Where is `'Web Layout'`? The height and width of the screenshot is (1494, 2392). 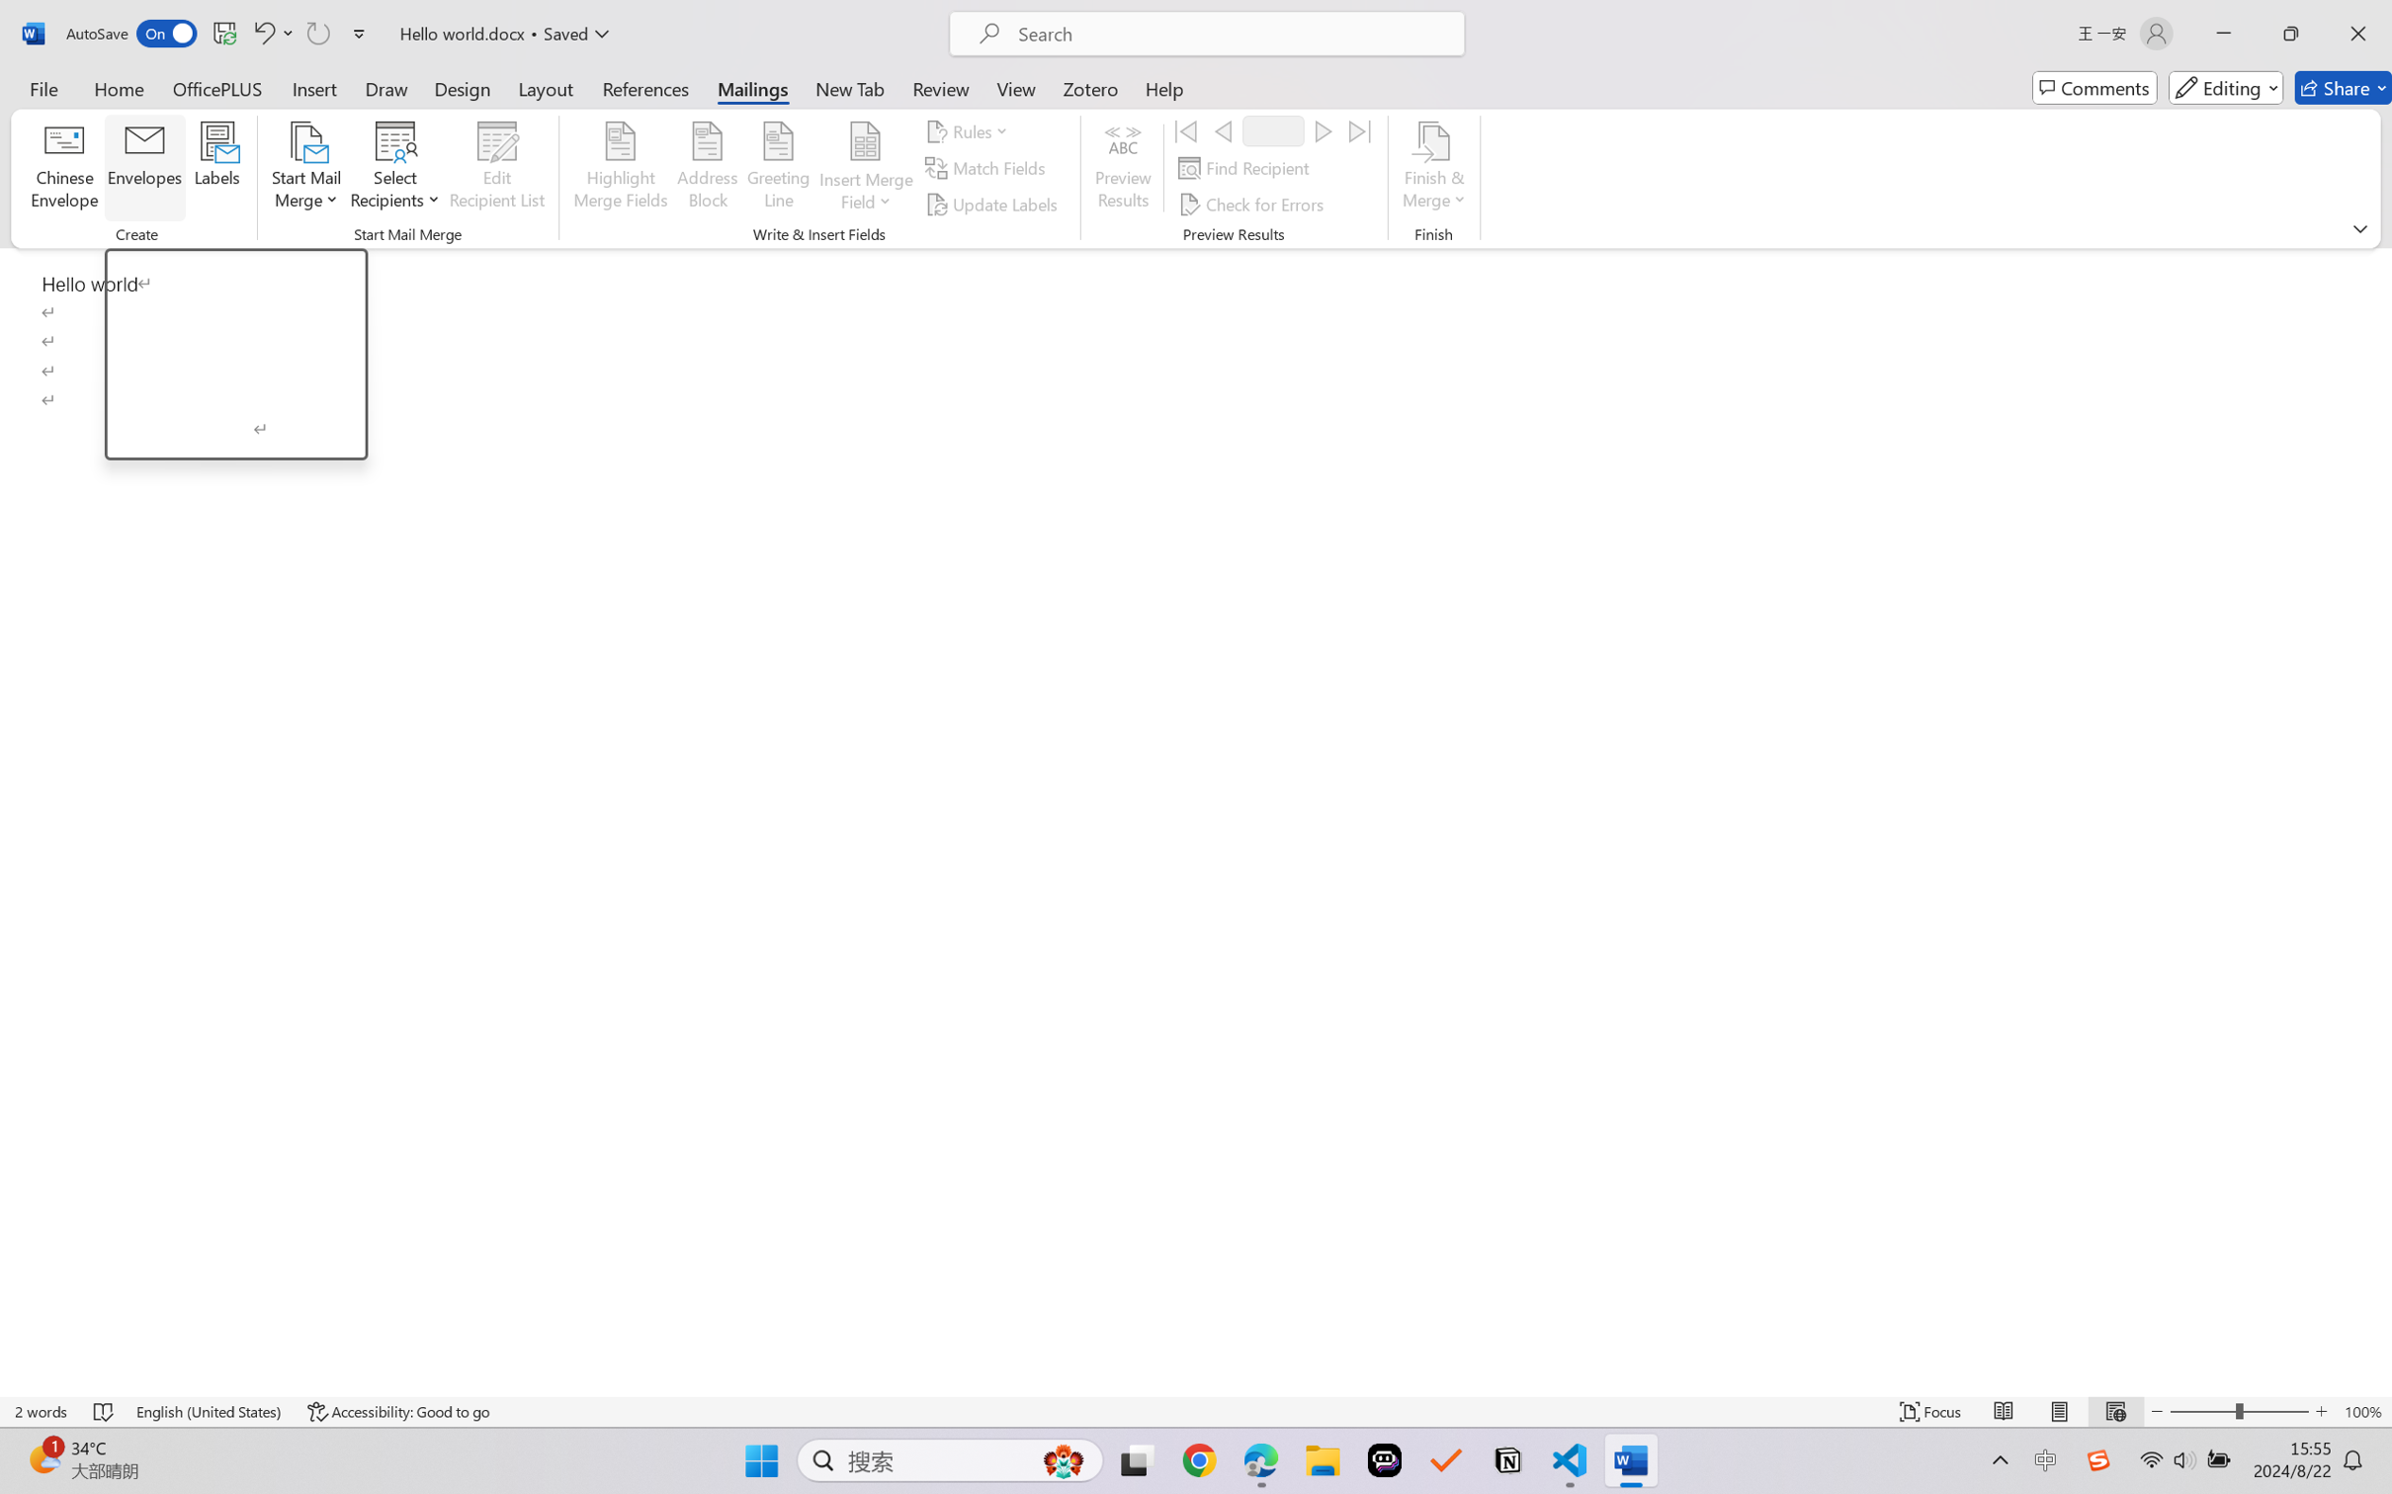 'Web Layout' is located at coordinates (2114, 1411).